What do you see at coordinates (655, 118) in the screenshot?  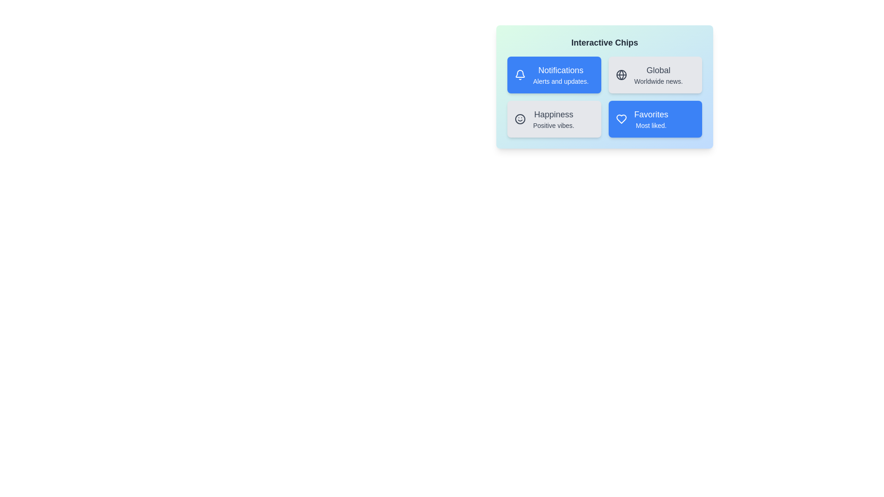 I see `the chip labeled Favorites` at bounding box center [655, 118].